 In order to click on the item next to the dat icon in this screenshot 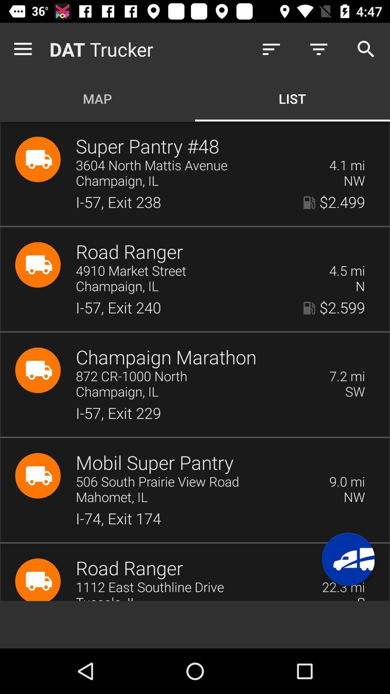, I will do `click(24, 49)`.